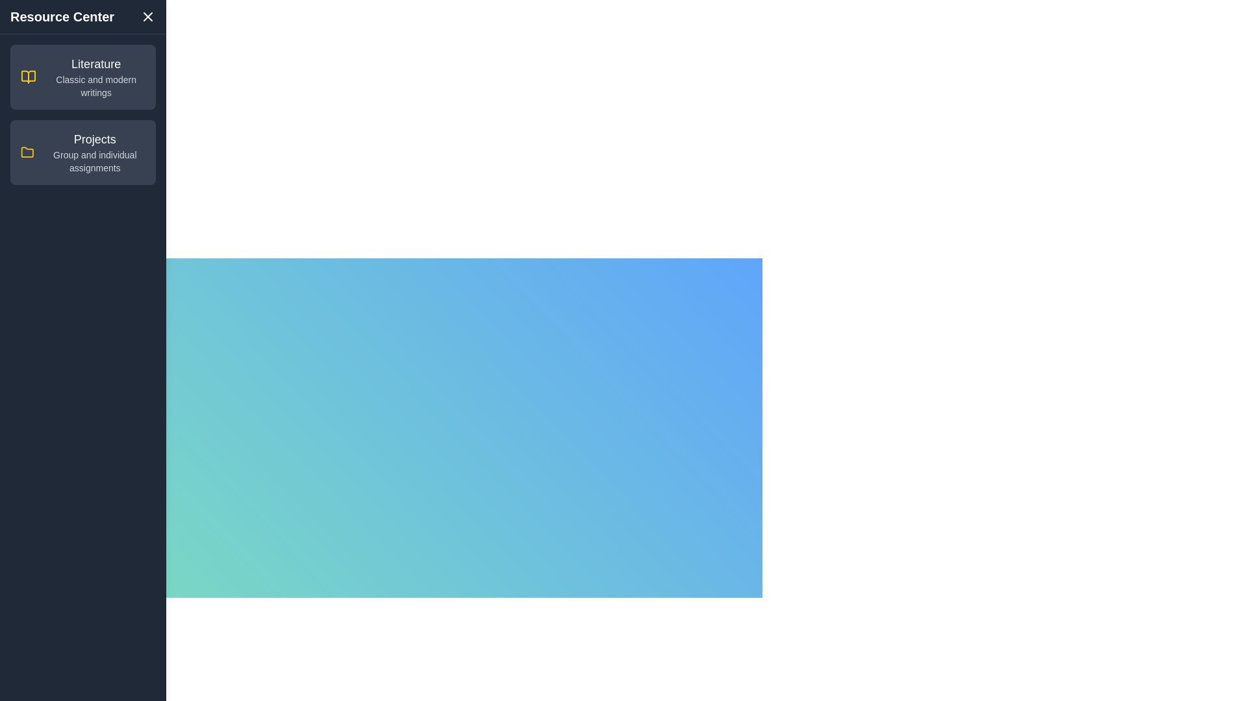 This screenshot has height=701, width=1247. What do you see at coordinates (82, 77) in the screenshot?
I see `the category Literature to highlight it` at bounding box center [82, 77].